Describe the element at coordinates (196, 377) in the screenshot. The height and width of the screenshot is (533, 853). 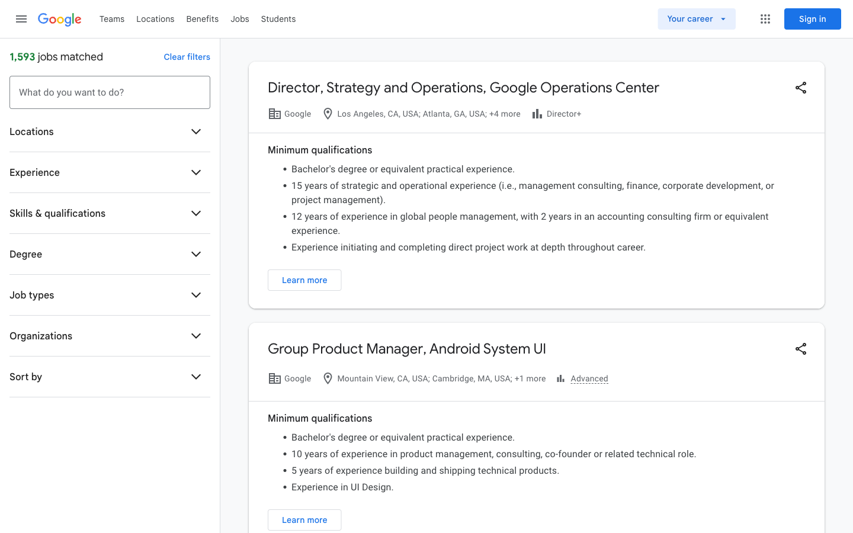
I see `the "Sort by" function` at that location.